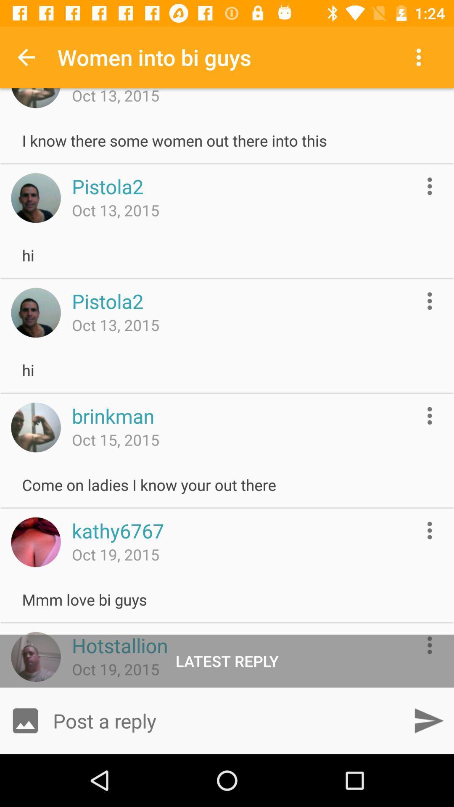 The image size is (454, 807). I want to click on a photo, so click(25, 720).